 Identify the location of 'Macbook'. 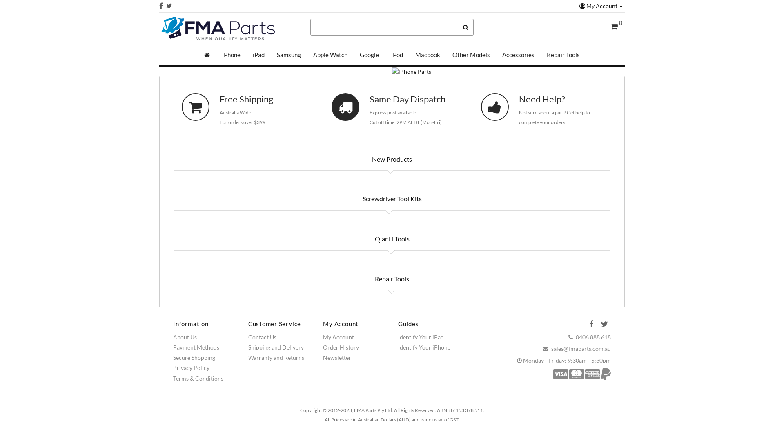
(409, 55).